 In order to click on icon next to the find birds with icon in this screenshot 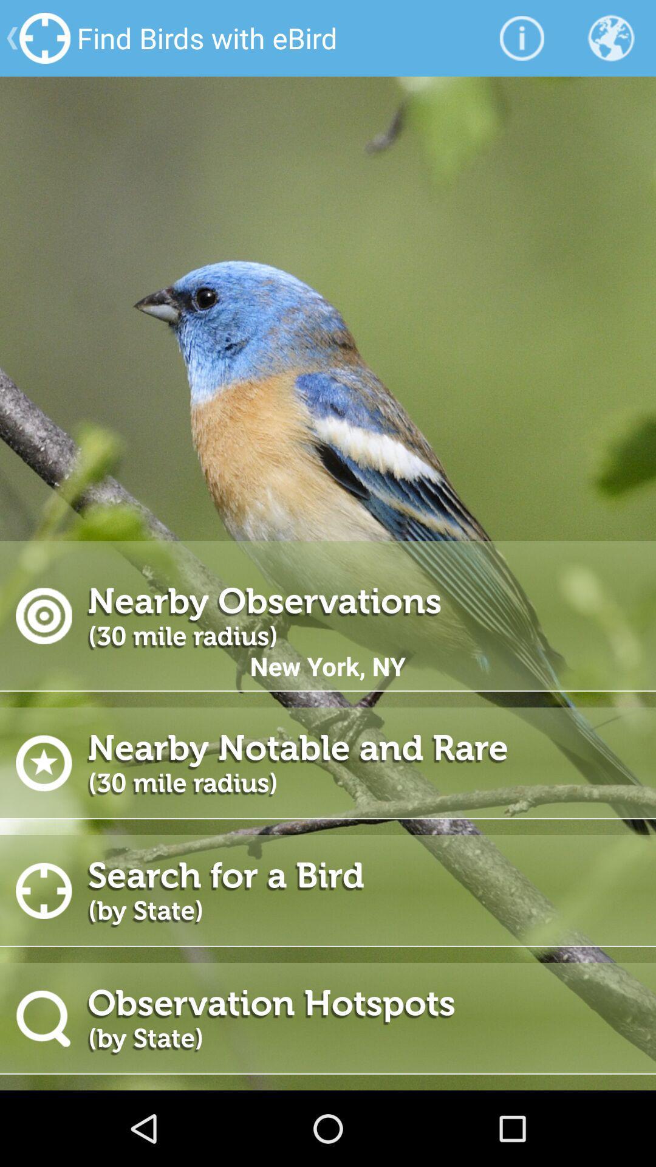, I will do `click(521, 38)`.